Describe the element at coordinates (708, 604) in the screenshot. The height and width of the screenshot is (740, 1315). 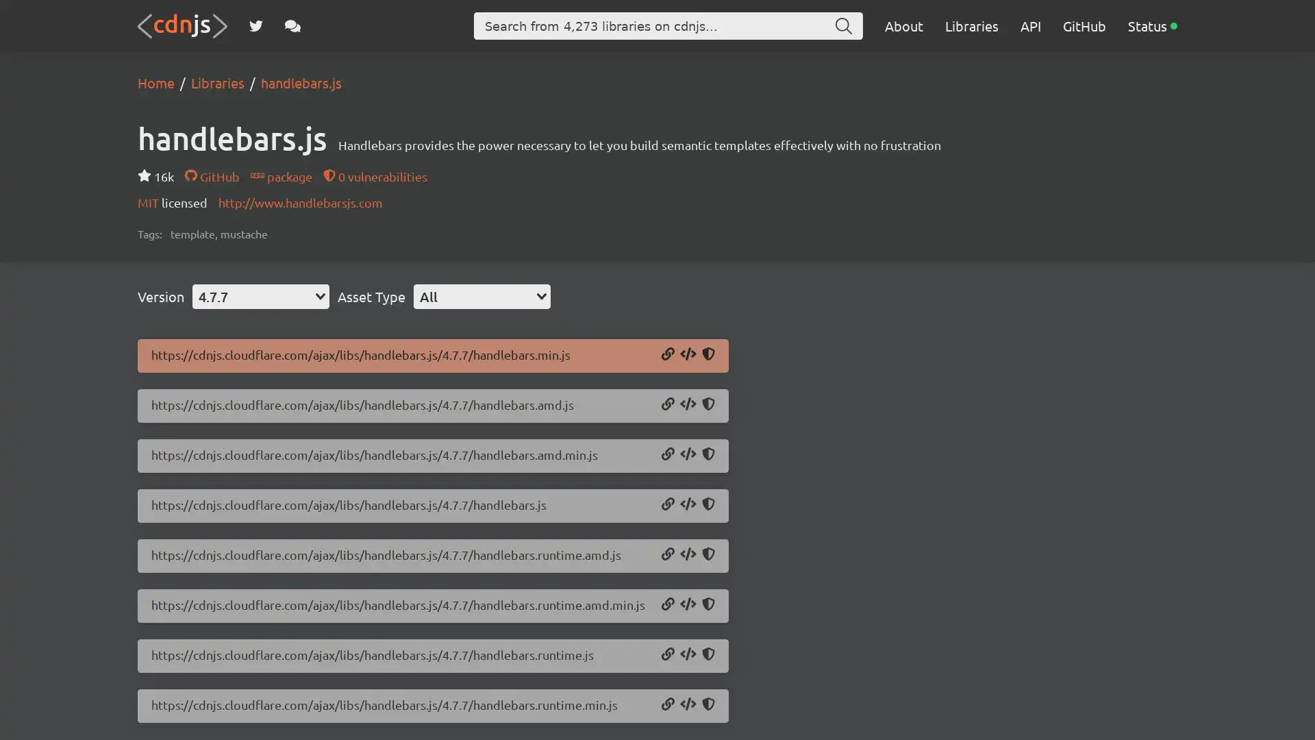
I see `Copy SRI Hash` at that location.